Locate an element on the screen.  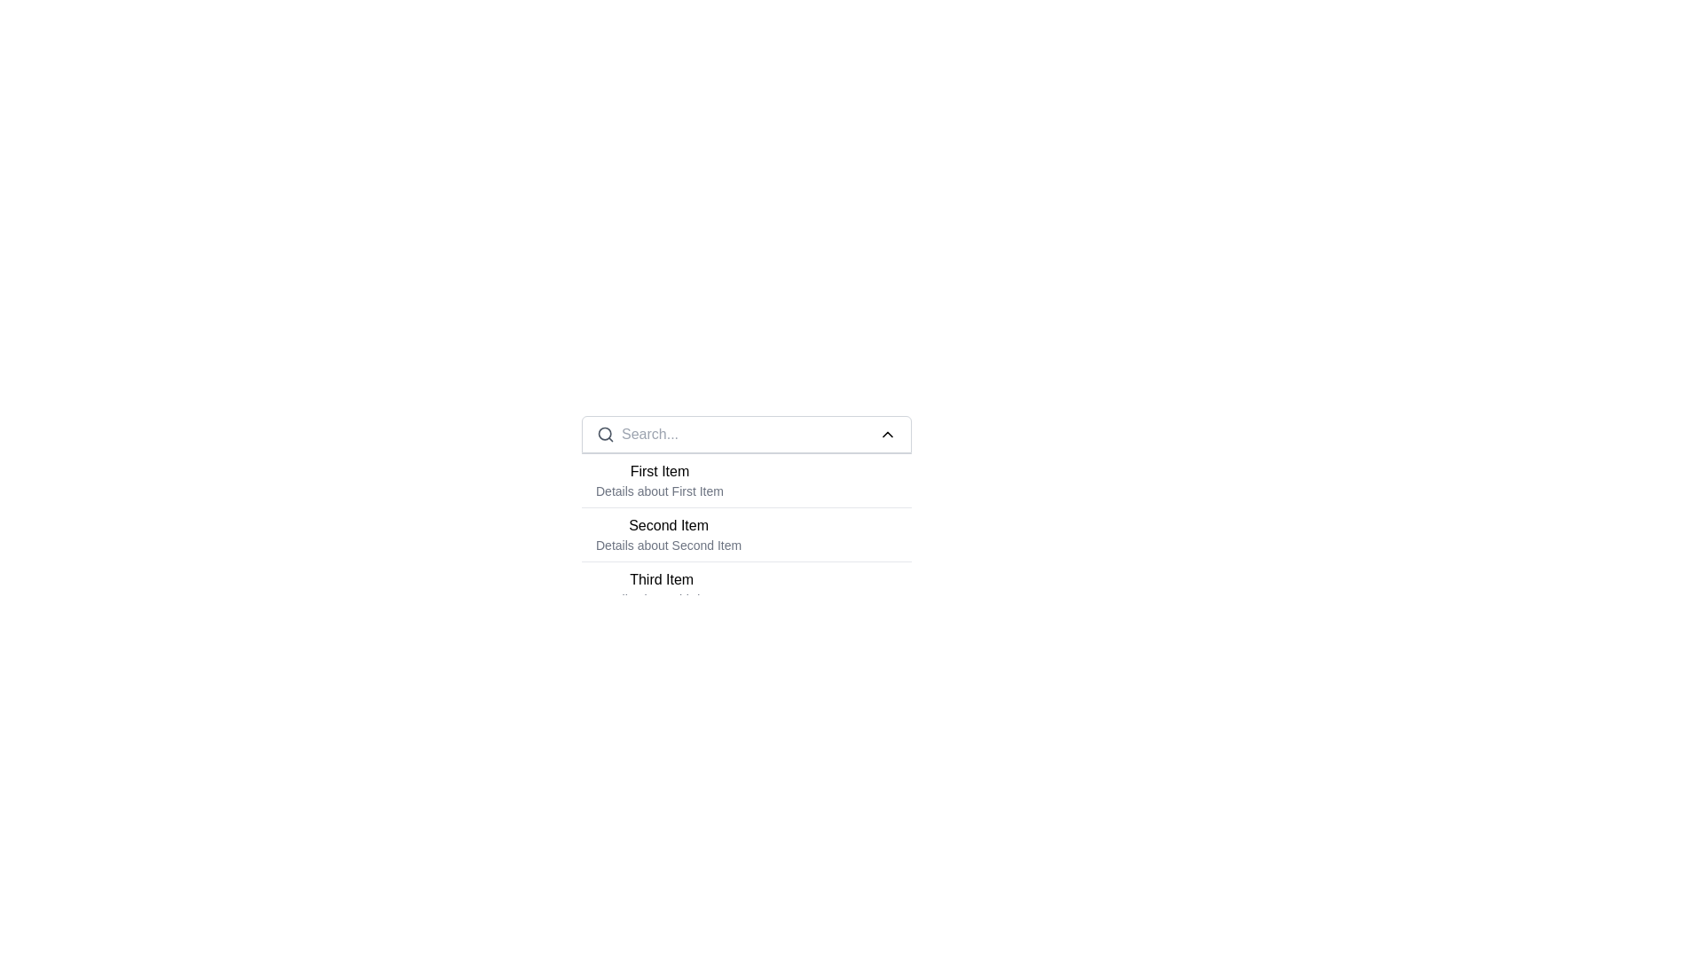
the first list item that shows detailed information about 'First Item' is located at coordinates (746, 481).